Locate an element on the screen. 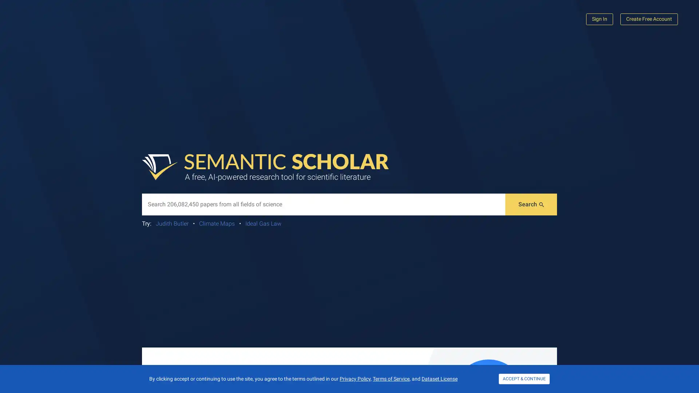 This screenshot has width=699, height=393. Create Free Account is located at coordinates (649, 19).